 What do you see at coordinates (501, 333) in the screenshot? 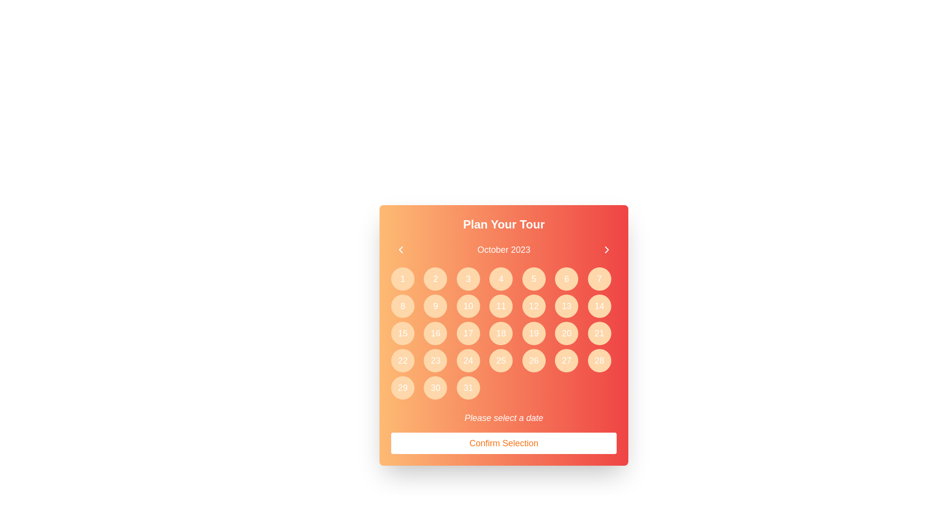
I see `the calendar button representing the 18th day of the month` at bounding box center [501, 333].